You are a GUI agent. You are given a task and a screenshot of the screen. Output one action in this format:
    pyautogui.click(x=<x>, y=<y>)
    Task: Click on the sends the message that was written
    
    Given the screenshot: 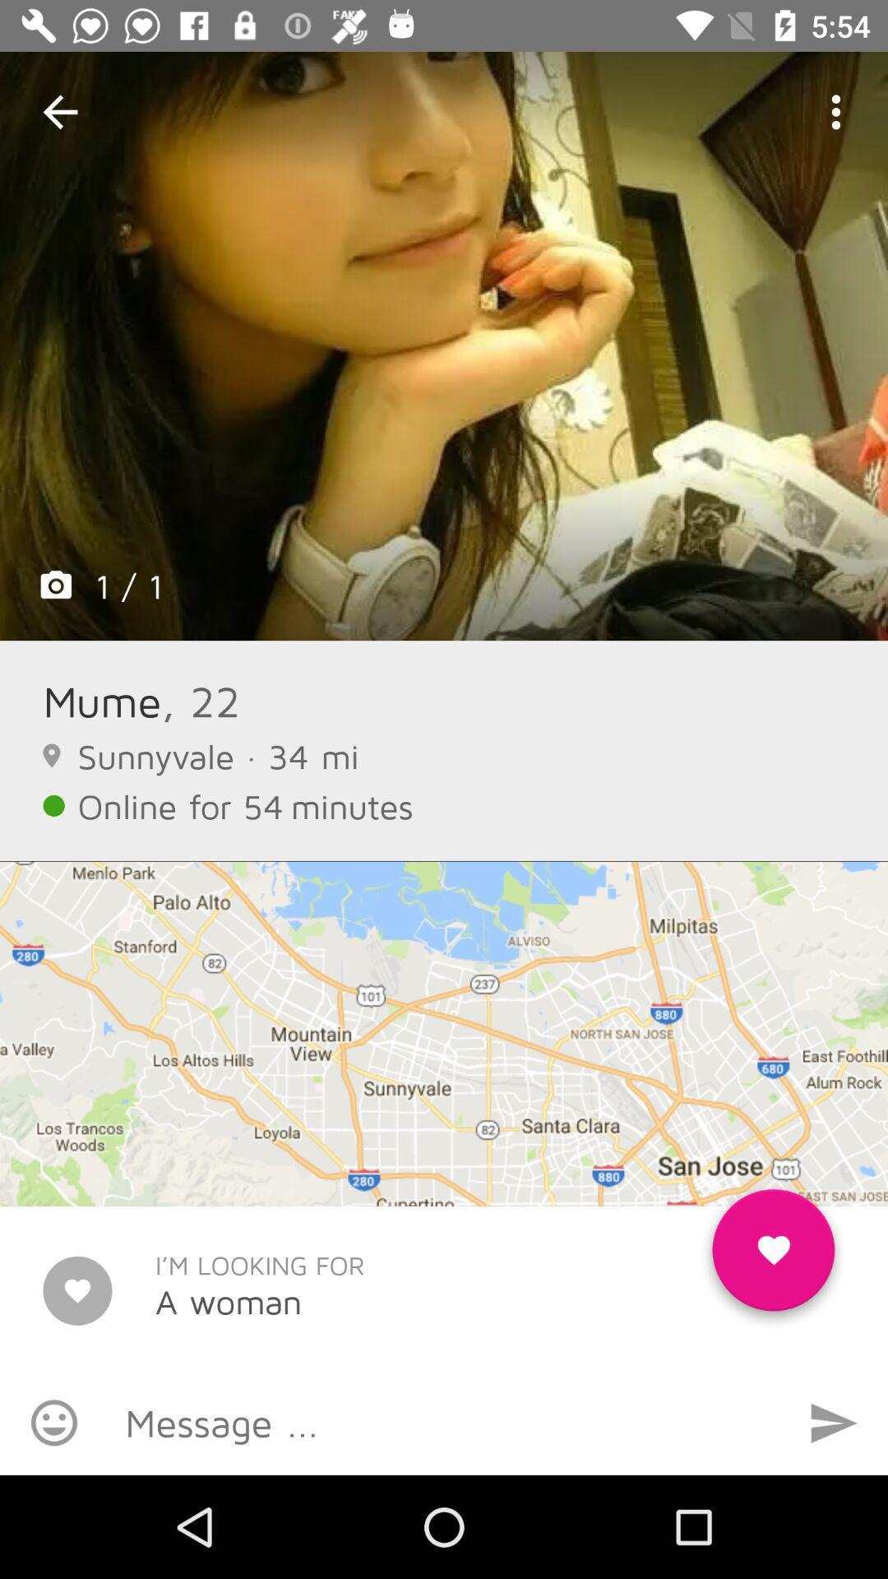 What is the action you would take?
    pyautogui.click(x=834, y=1422)
    